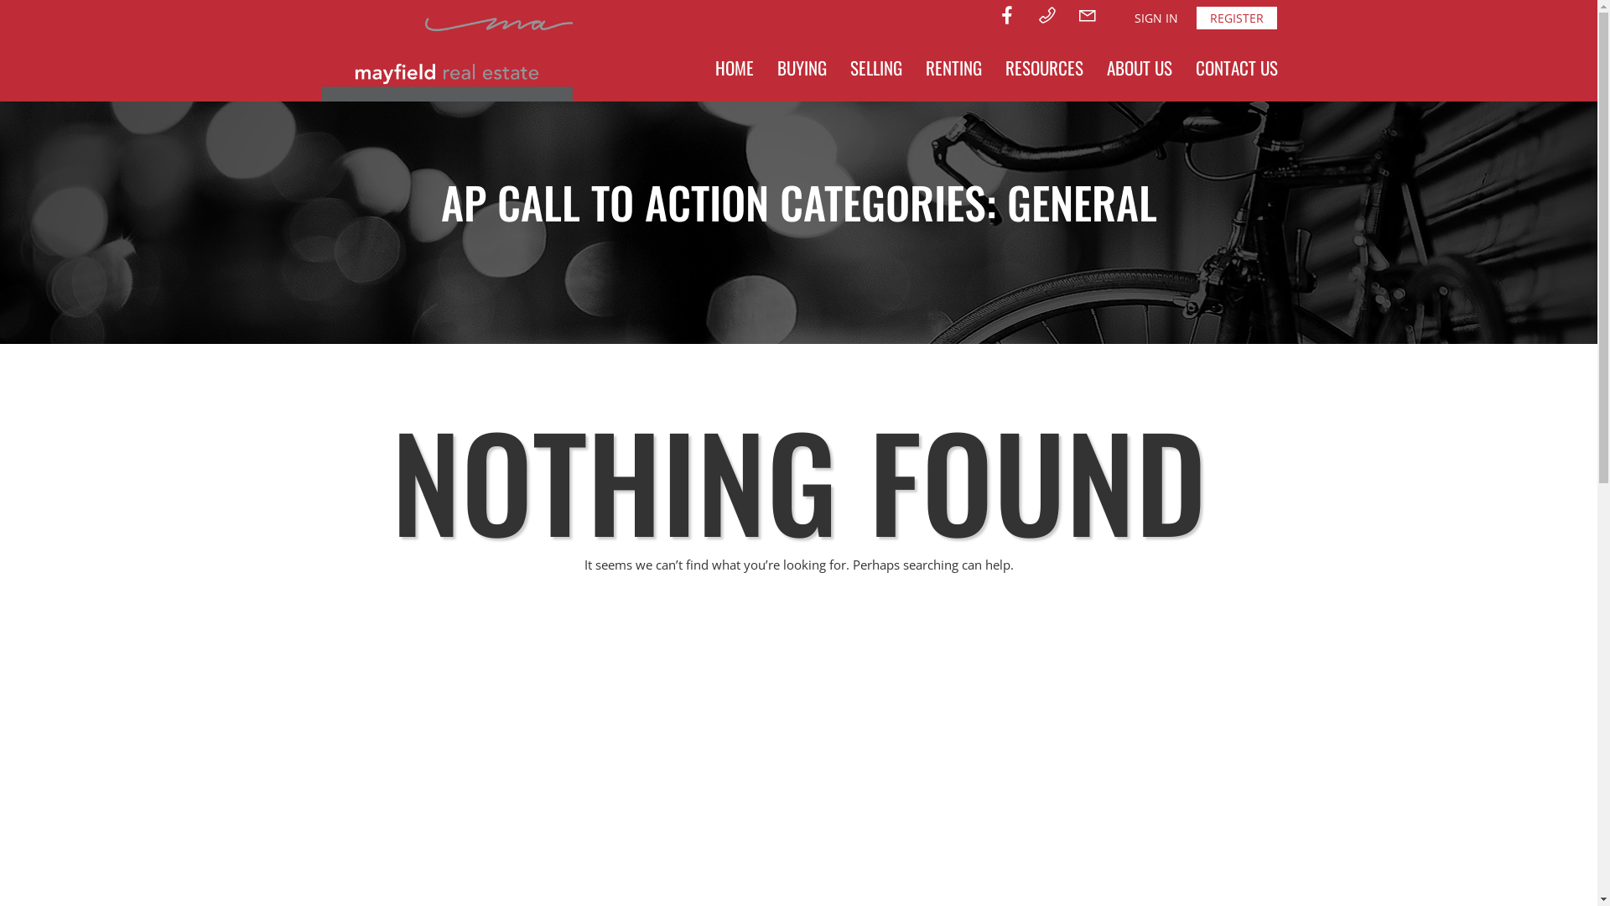  What do you see at coordinates (1042, 67) in the screenshot?
I see `'RESOURCES'` at bounding box center [1042, 67].